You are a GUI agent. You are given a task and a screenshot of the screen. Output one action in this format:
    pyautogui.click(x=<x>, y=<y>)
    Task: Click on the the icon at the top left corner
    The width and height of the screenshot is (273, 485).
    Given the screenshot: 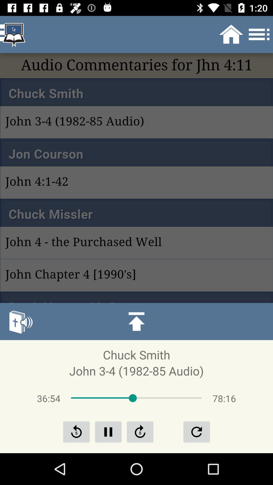 What is the action you would take?
    pyautogui.click(x=14, y=34)
    